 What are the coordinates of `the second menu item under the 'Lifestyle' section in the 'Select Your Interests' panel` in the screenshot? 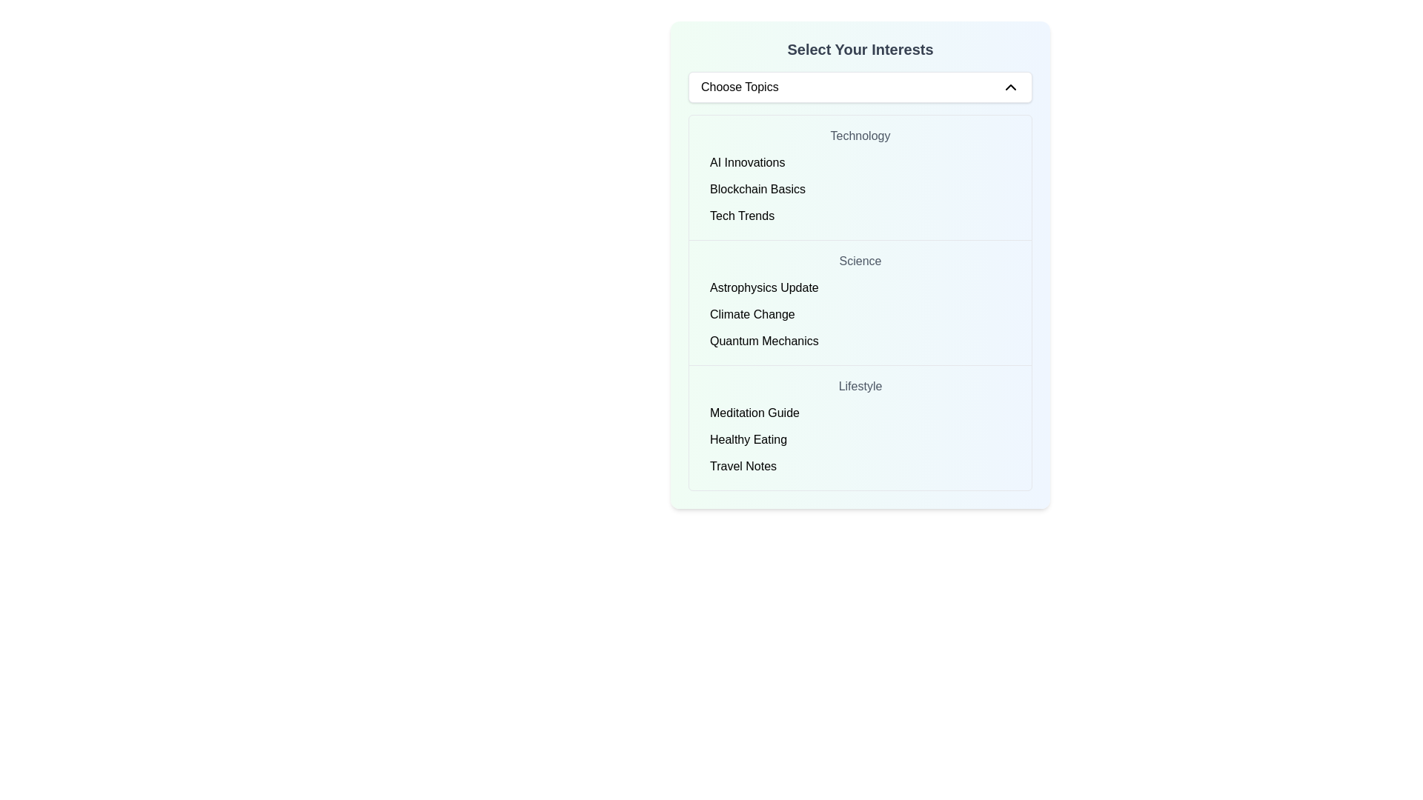 It's located at (749, 439).